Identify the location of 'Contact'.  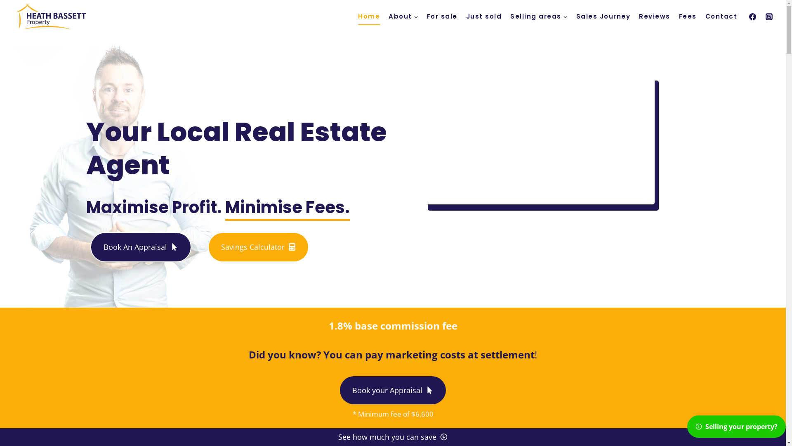
(721, 16).